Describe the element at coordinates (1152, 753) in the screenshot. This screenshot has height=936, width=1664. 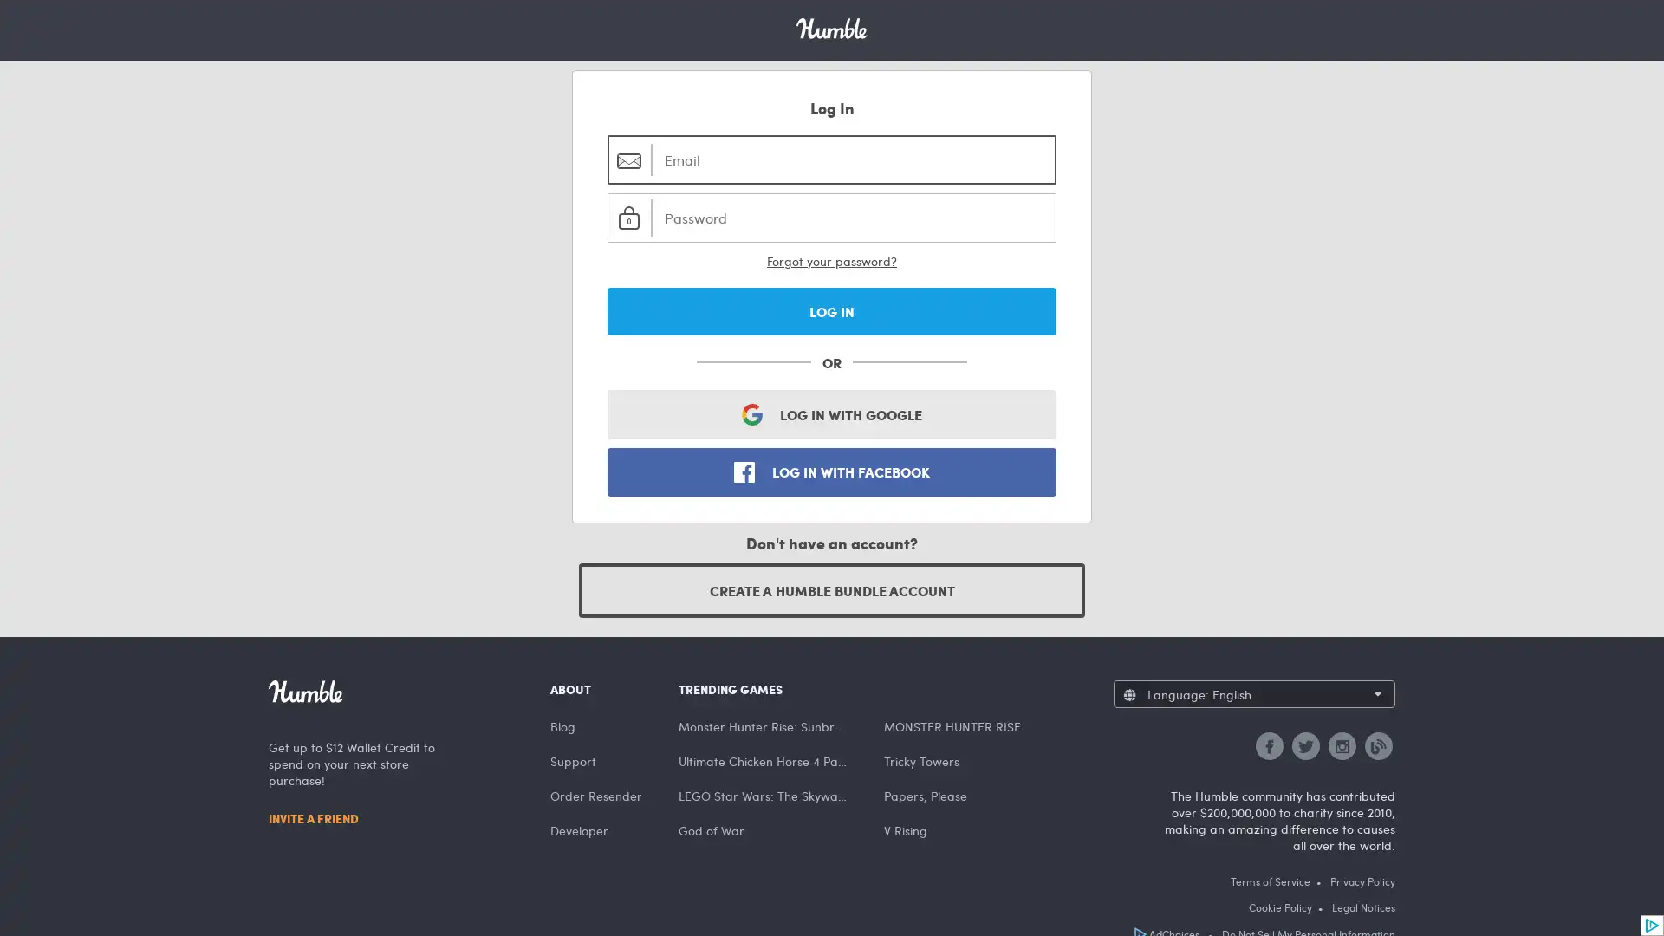
I see `Francais` at that location.